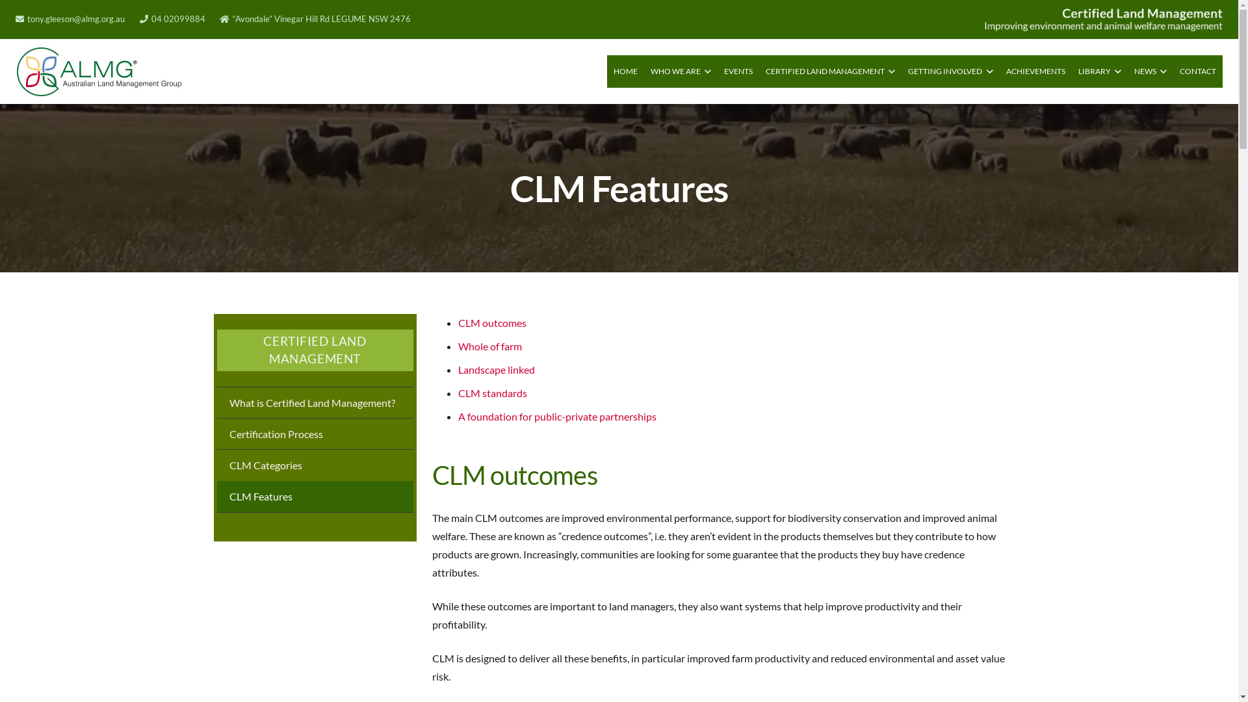 This screenshot has height=702, width=1248. I want to click on 'CLM Categories', so click(315, 463).